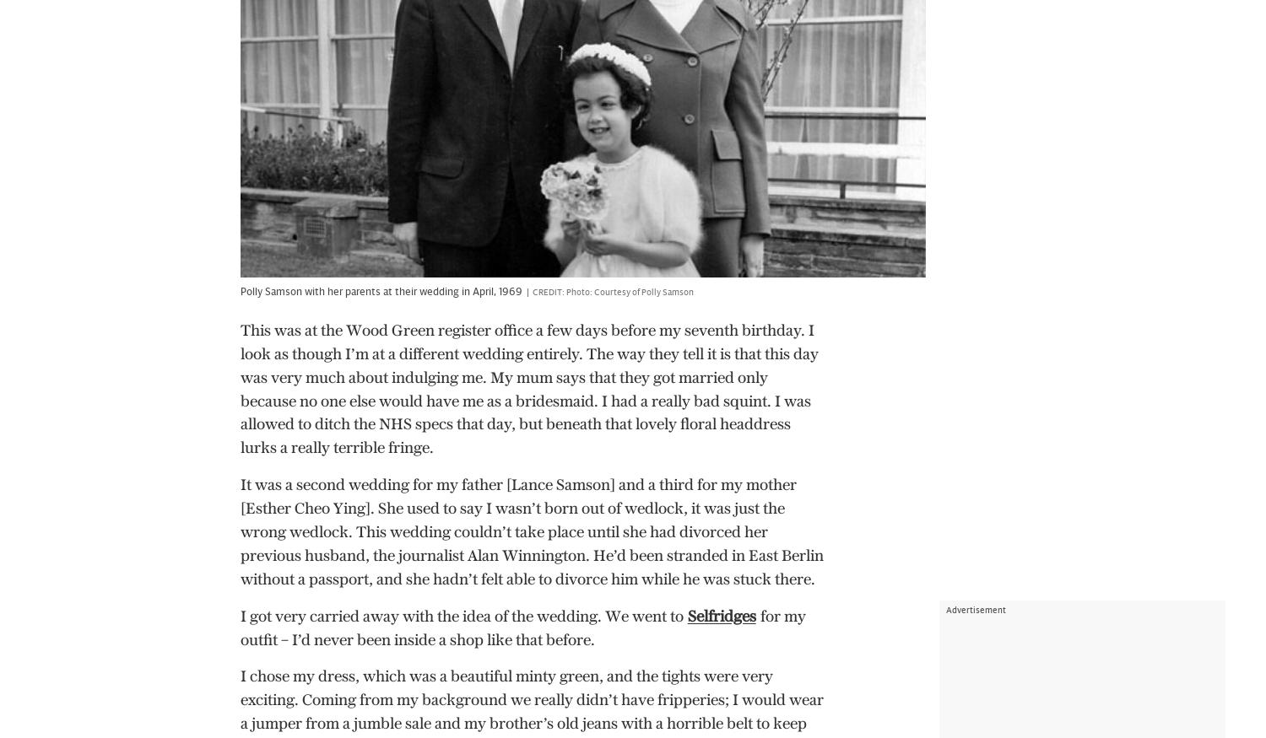 The height and width of the screenshot is (738, 1266). I want to click on 'Broadband and Mobile Deals', so click(867, 590).